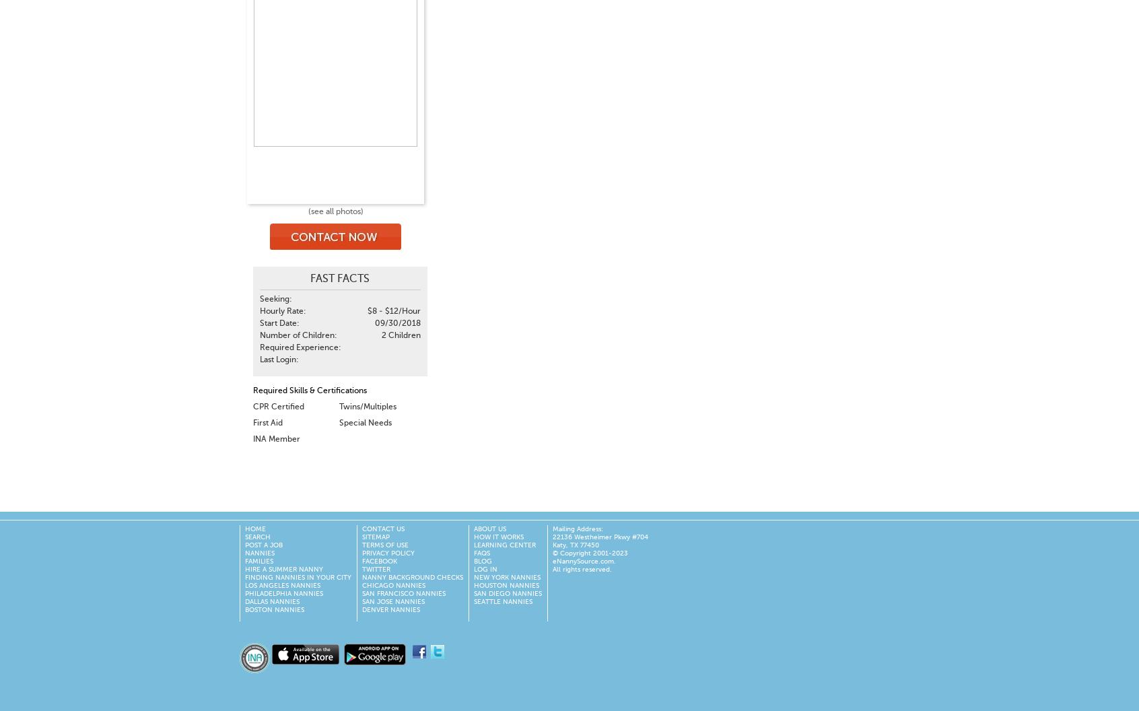  I want to click on 'Dallas Nannies', so click(272, 601).